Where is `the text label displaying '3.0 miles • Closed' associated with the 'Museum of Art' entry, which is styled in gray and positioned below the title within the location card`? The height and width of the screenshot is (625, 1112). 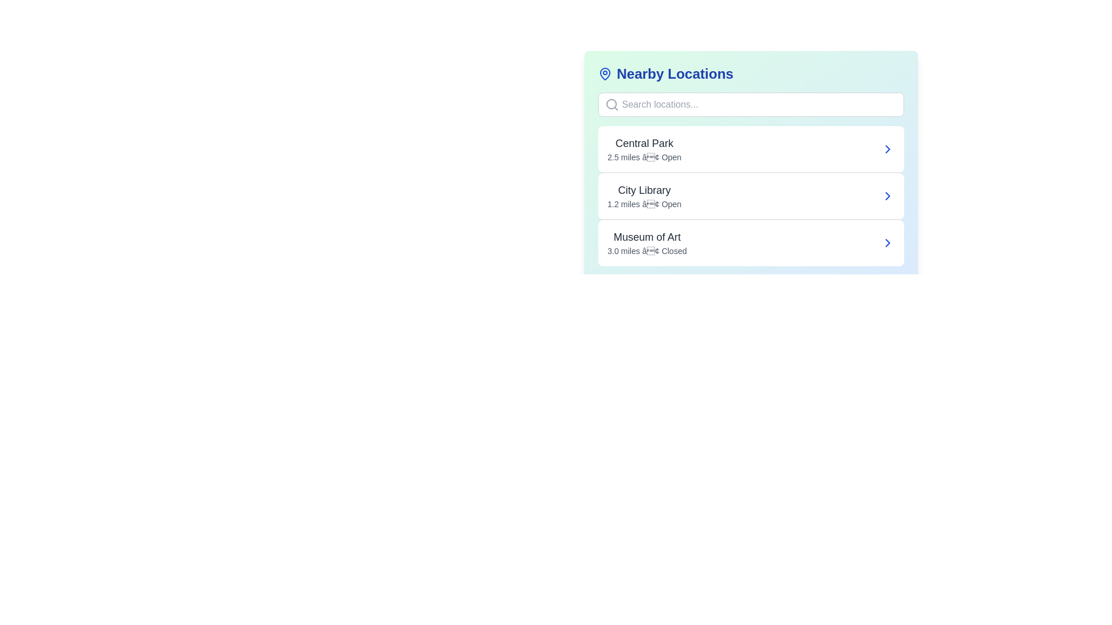 the text label displaying '3.0 miles • Closed' associated with the 'Museum of Art' entry, which is styled in gray and positioned below the title within the location card is located at coordinates (646, 251).